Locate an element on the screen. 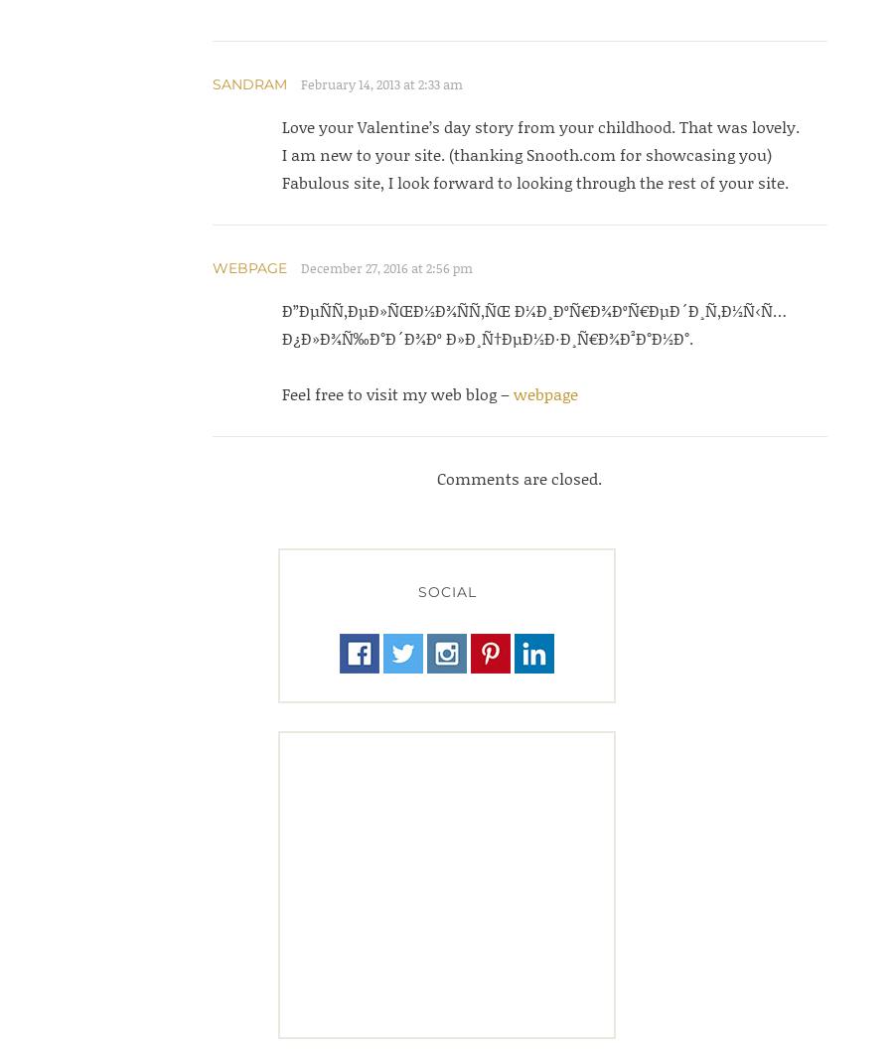 This screenshot has width=894, height=1052. 'Comments are closed.' is located at coordinates (518, 478).